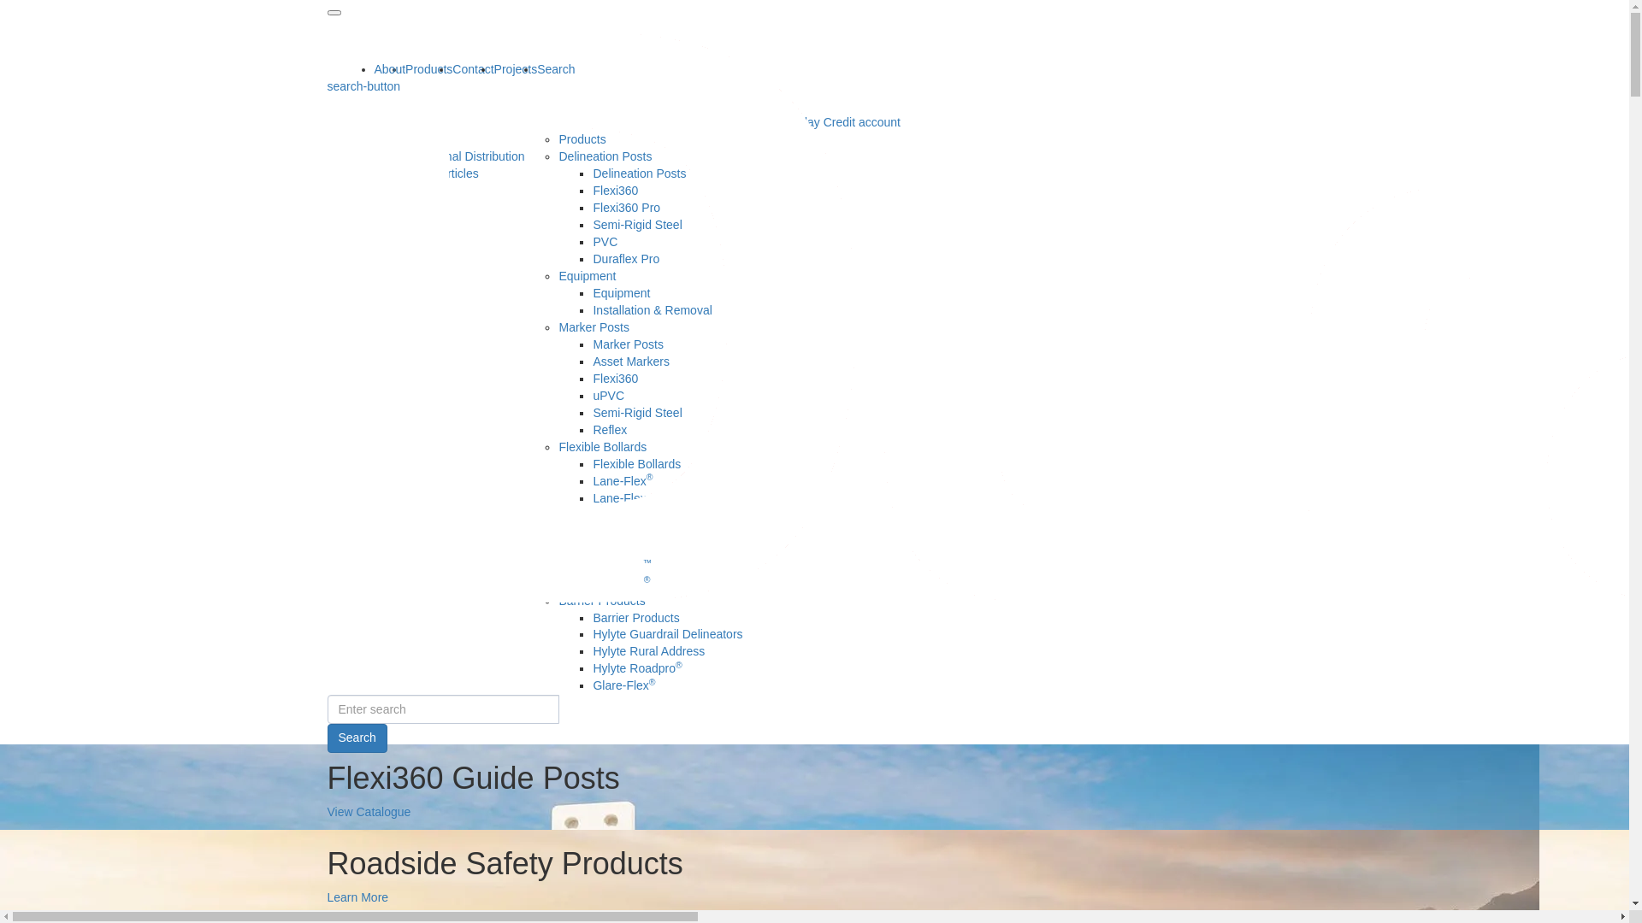 The width and height of the screenshot is (1642, 923). I want to click on 'Learn More', so click(356, 896).